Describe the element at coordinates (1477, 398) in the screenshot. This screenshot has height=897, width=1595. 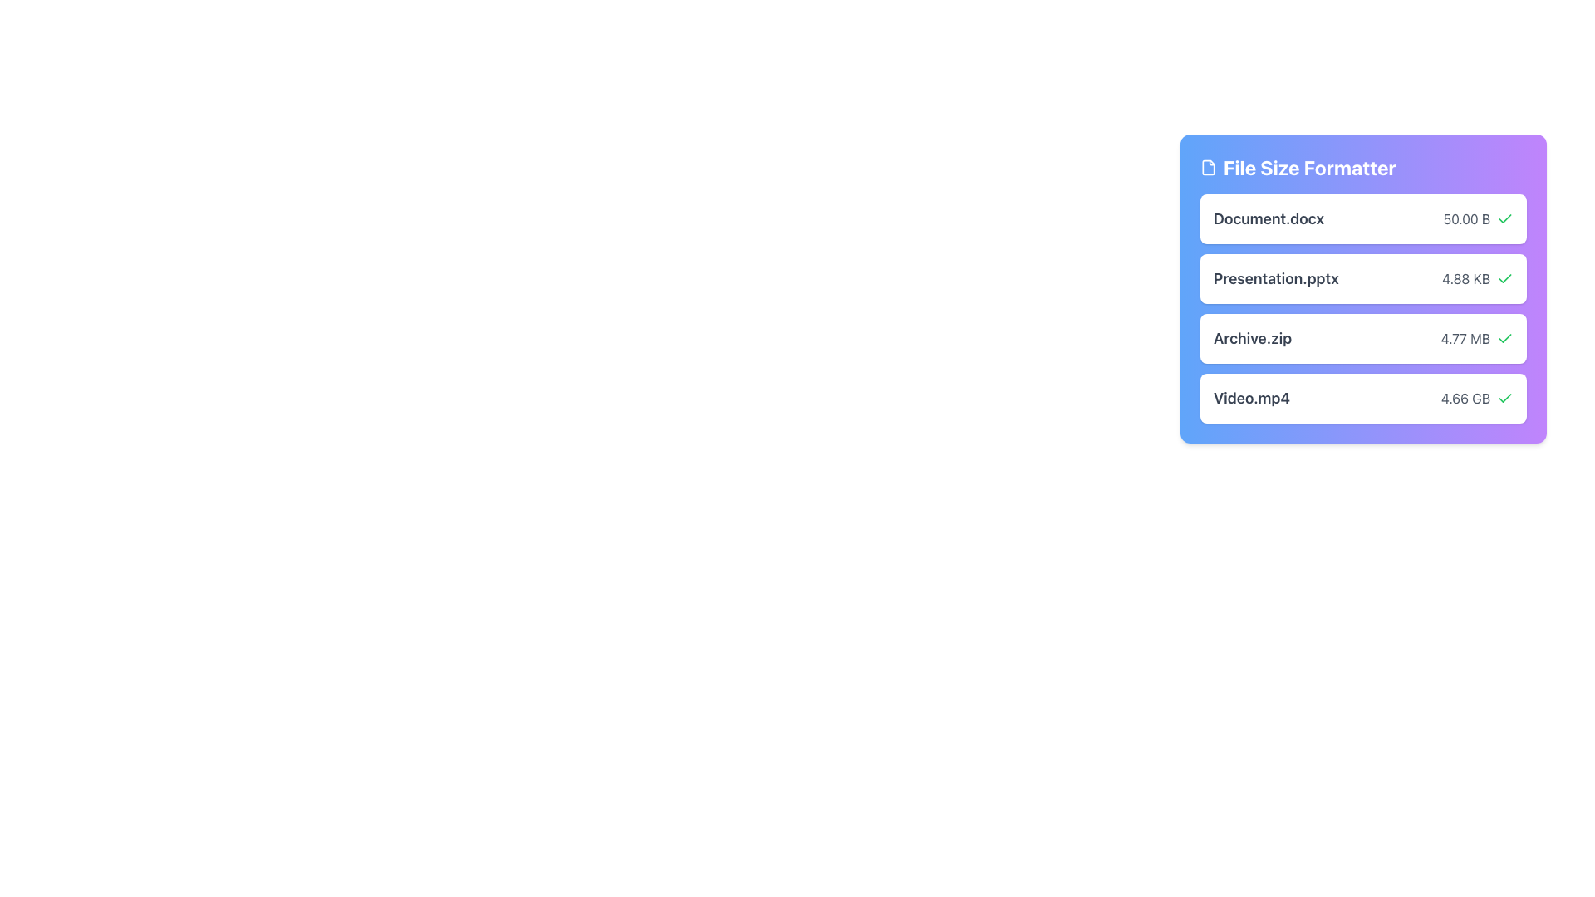
I see `the text label displaying the size of the video file 'Video.mp4', which is aligned right of the entry and has a green checkmark icon following it` at that location.